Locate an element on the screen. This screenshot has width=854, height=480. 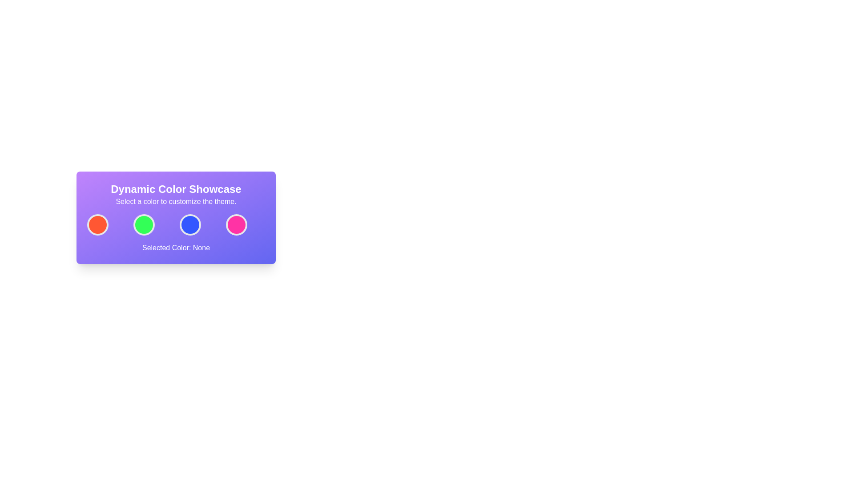
the fourth circular button with a pink background and white border is located at coordinates (237, 224).